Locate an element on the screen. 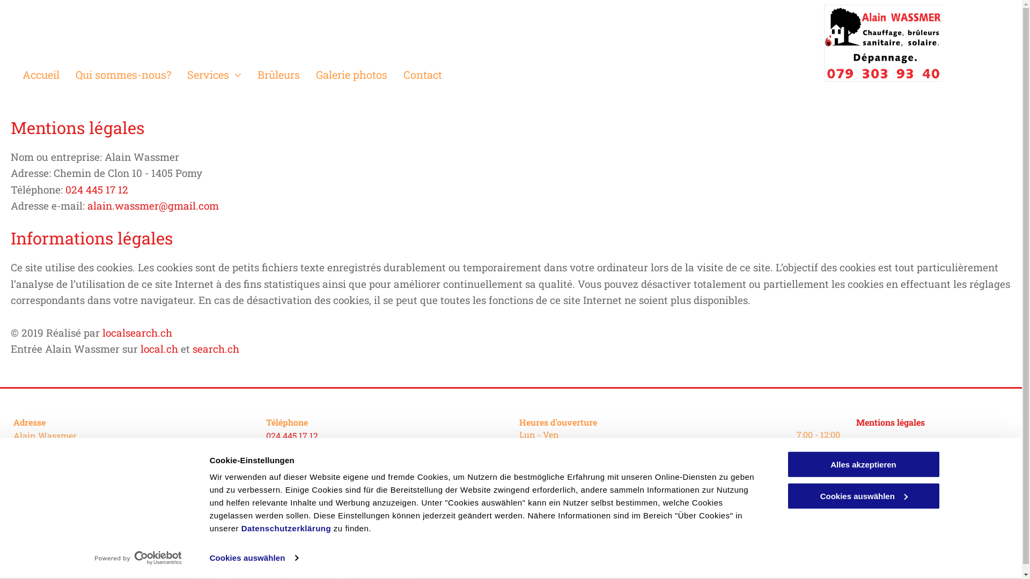  'local.ch' is located at coordinates (159, 348).